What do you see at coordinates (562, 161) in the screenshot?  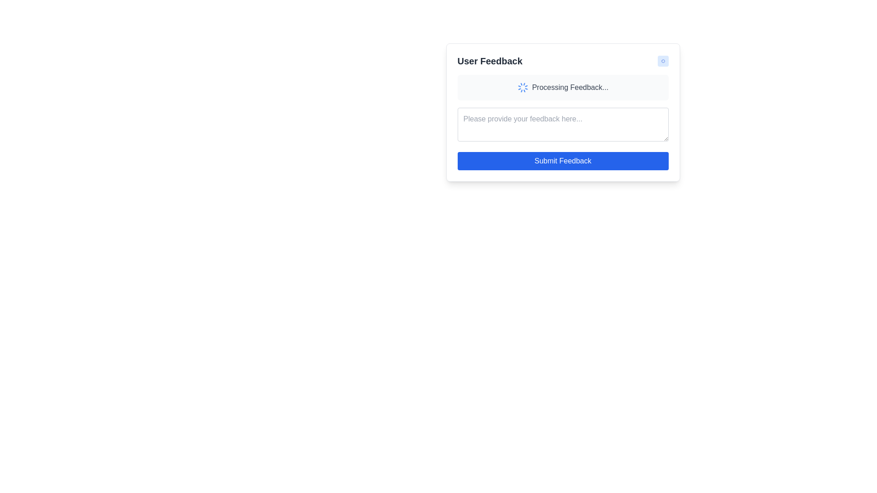 I see `the feedback submission button located at the bottom of the feedback form` at bounding box center [562, 161].